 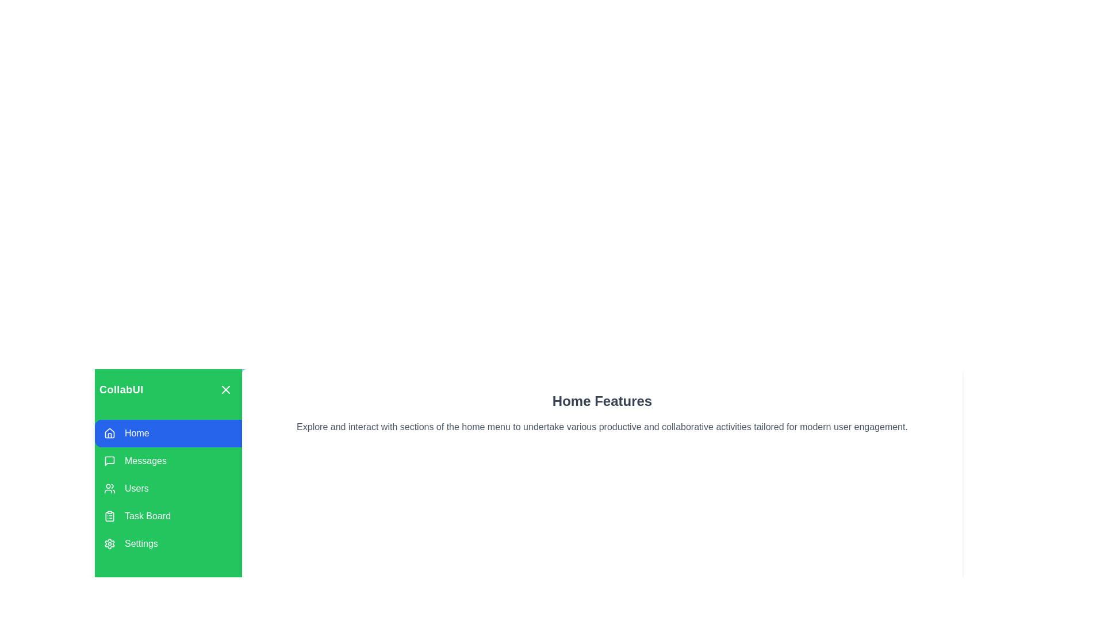 What do you see at coordinates (167, 461) in the screenshot?
I see `the menu section Messages` at bounding box center [167, 461].